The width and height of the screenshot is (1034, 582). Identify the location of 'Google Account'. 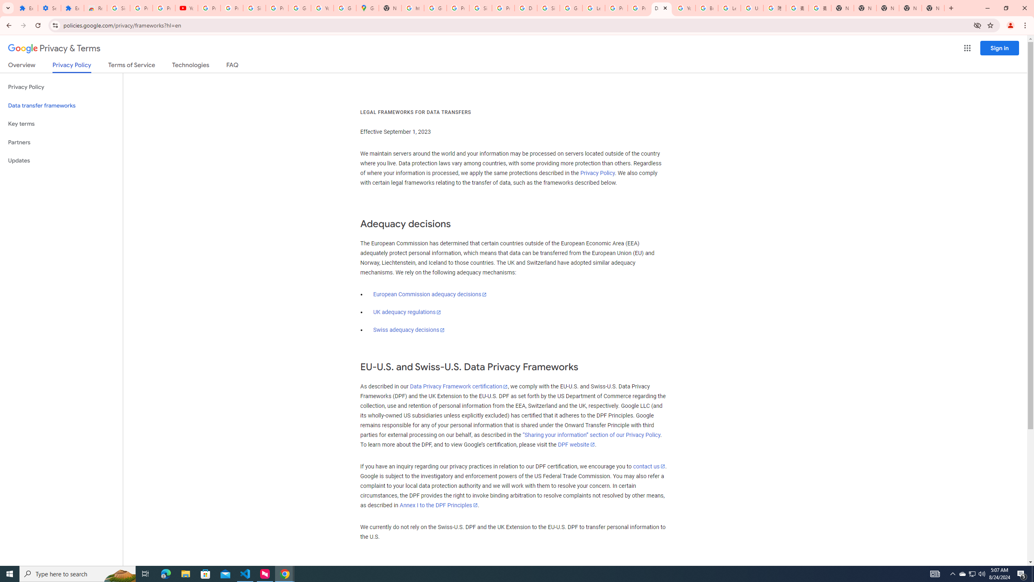
(299, 8).